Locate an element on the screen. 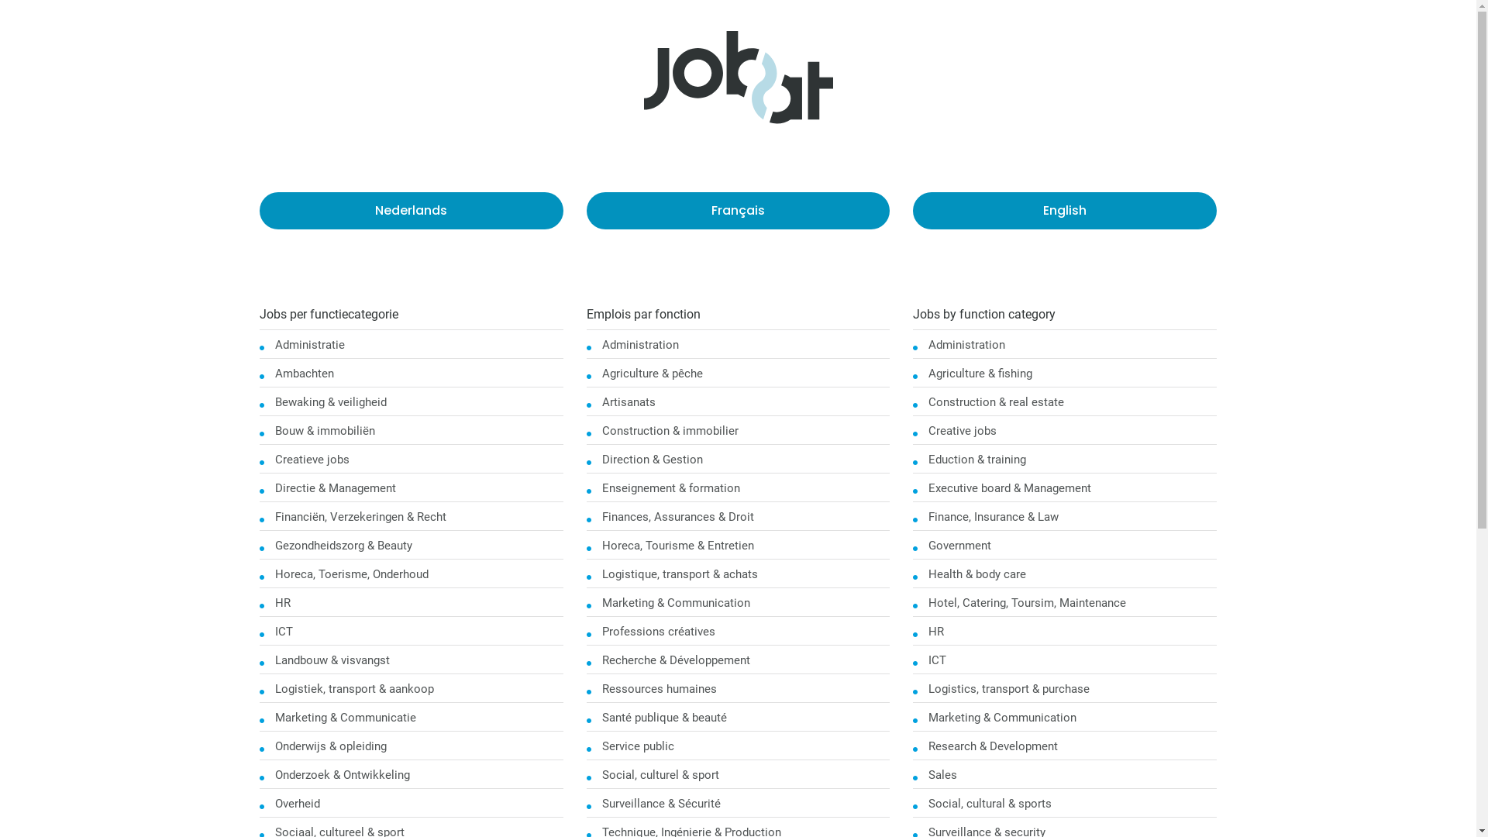  'Administration' is located at coordinates (640, 343).